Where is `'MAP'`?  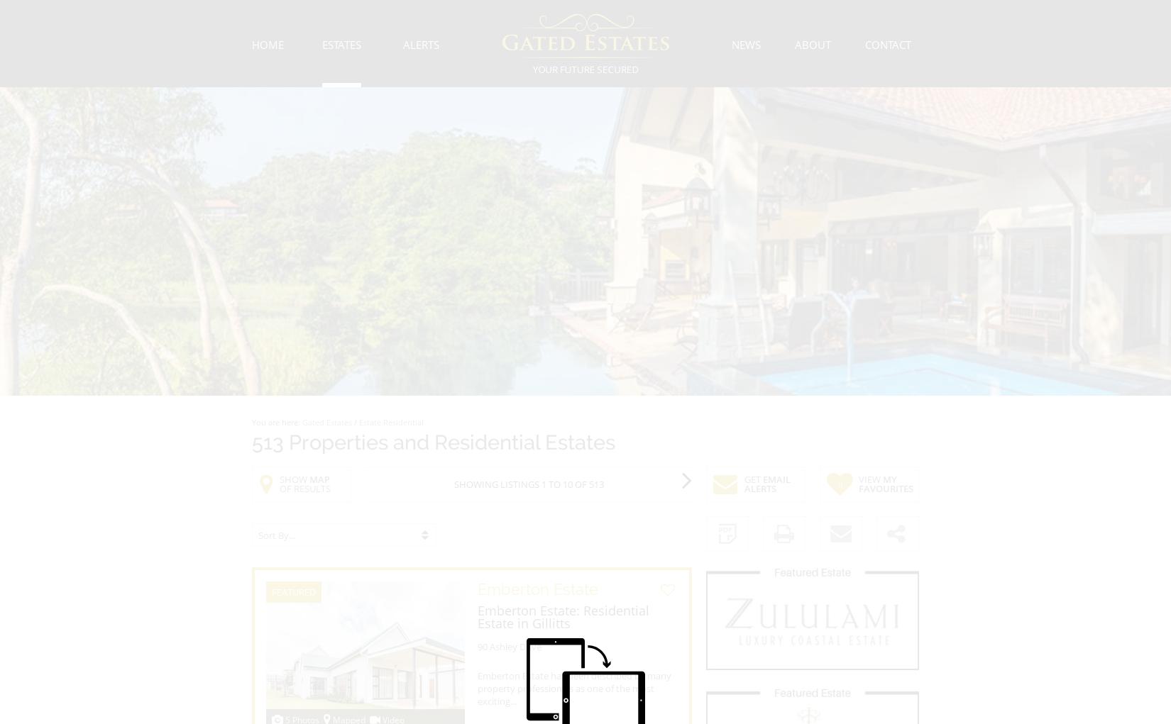 'MAP' is located at coordinates (319, 478).